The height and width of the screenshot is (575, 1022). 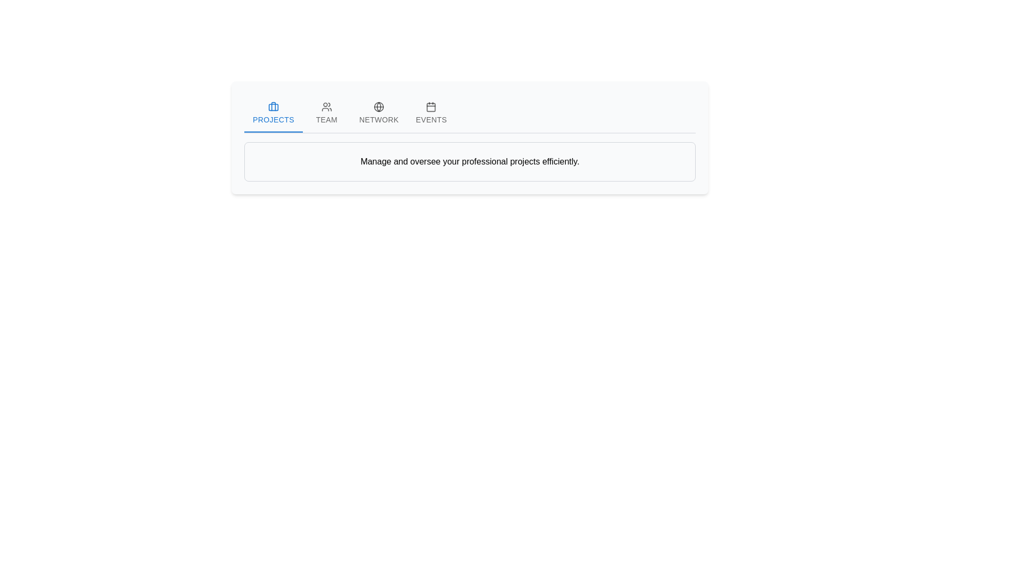 What do you see at coordinates (431, 108) in the screenshot?
I see `the calendar icon representing the 'Events' tab in the navigation bar to navigate to the Events section` at bounding box center [431, 108].